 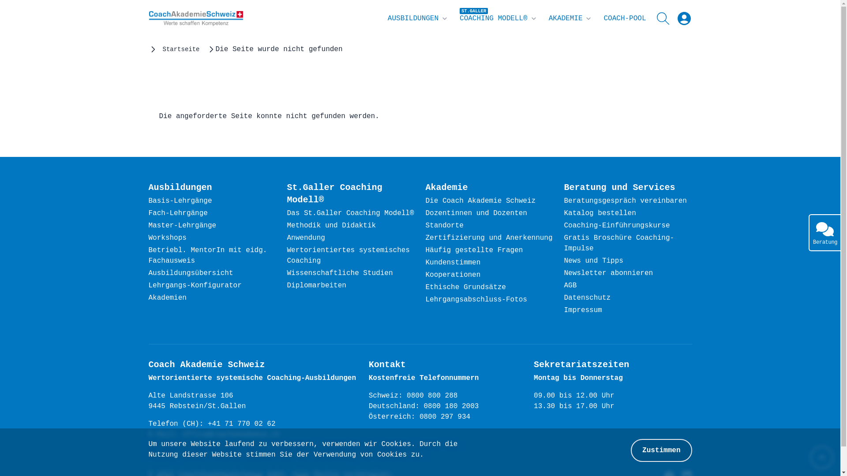 I want to click on '0800 180 2003', so click(x=451, y=406).